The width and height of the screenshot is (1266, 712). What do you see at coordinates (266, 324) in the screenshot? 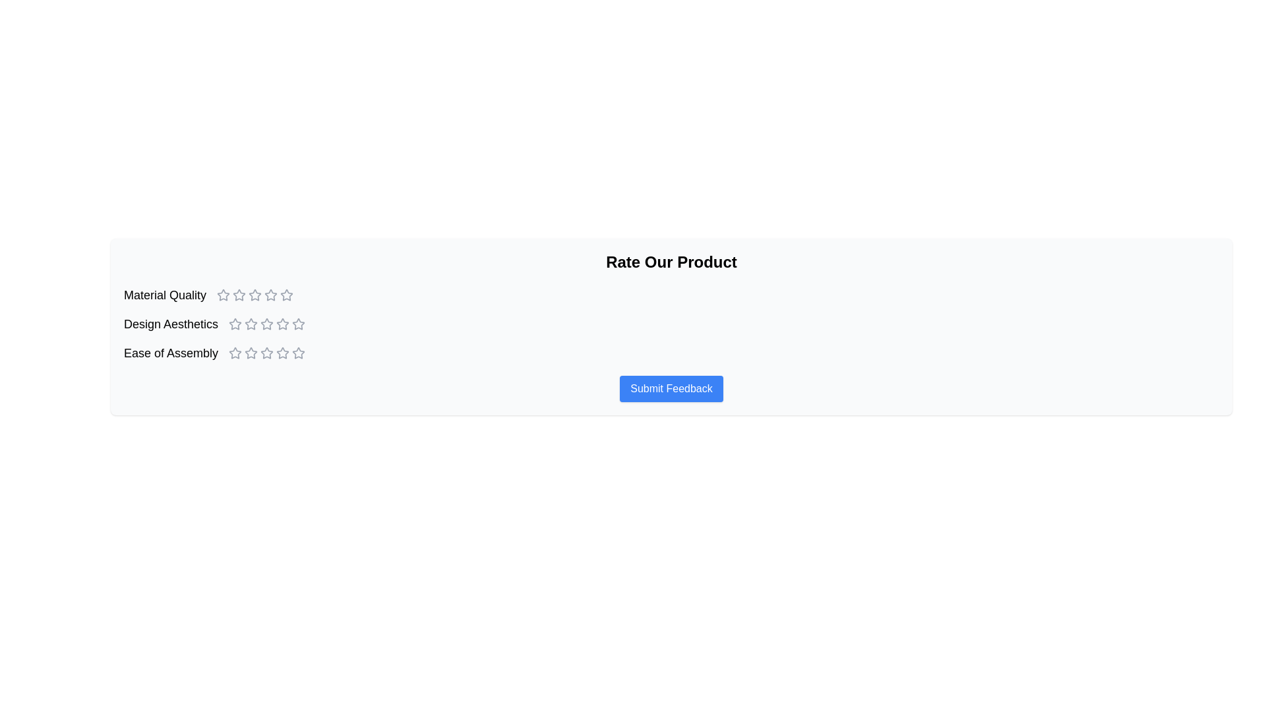
I see `the second star in the second row of the rating interface labeled 'Design Aesthetics' to set a rating` at bounding box center [266, 324].